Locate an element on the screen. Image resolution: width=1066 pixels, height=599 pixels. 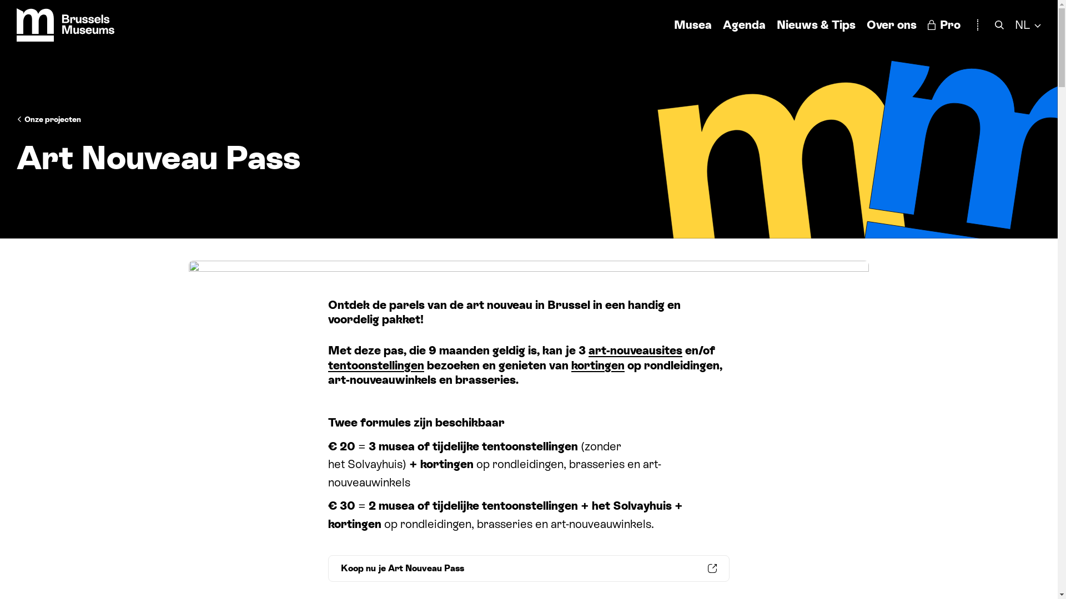
'tentoonstellingen' is located at coordinates (376, 366).